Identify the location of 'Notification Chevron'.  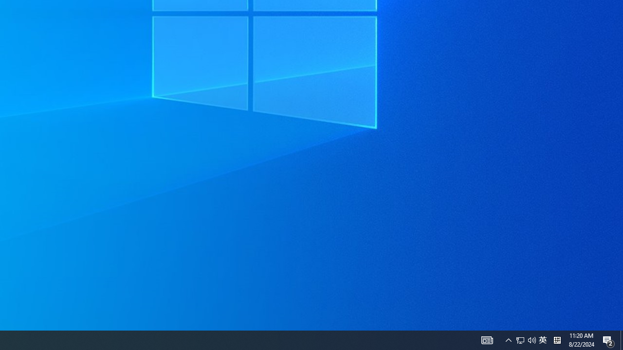
(525, 339).